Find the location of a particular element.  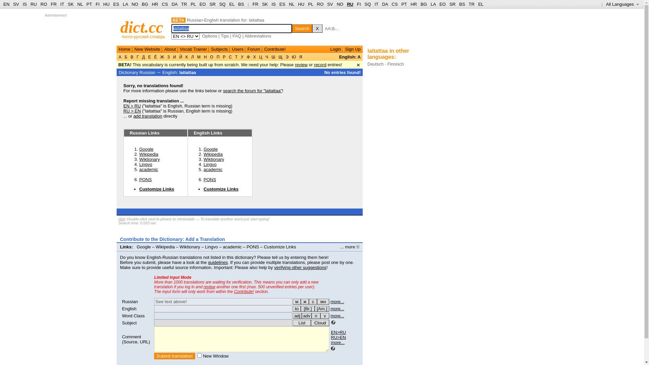

'List' is located at coordinates (301, 322).